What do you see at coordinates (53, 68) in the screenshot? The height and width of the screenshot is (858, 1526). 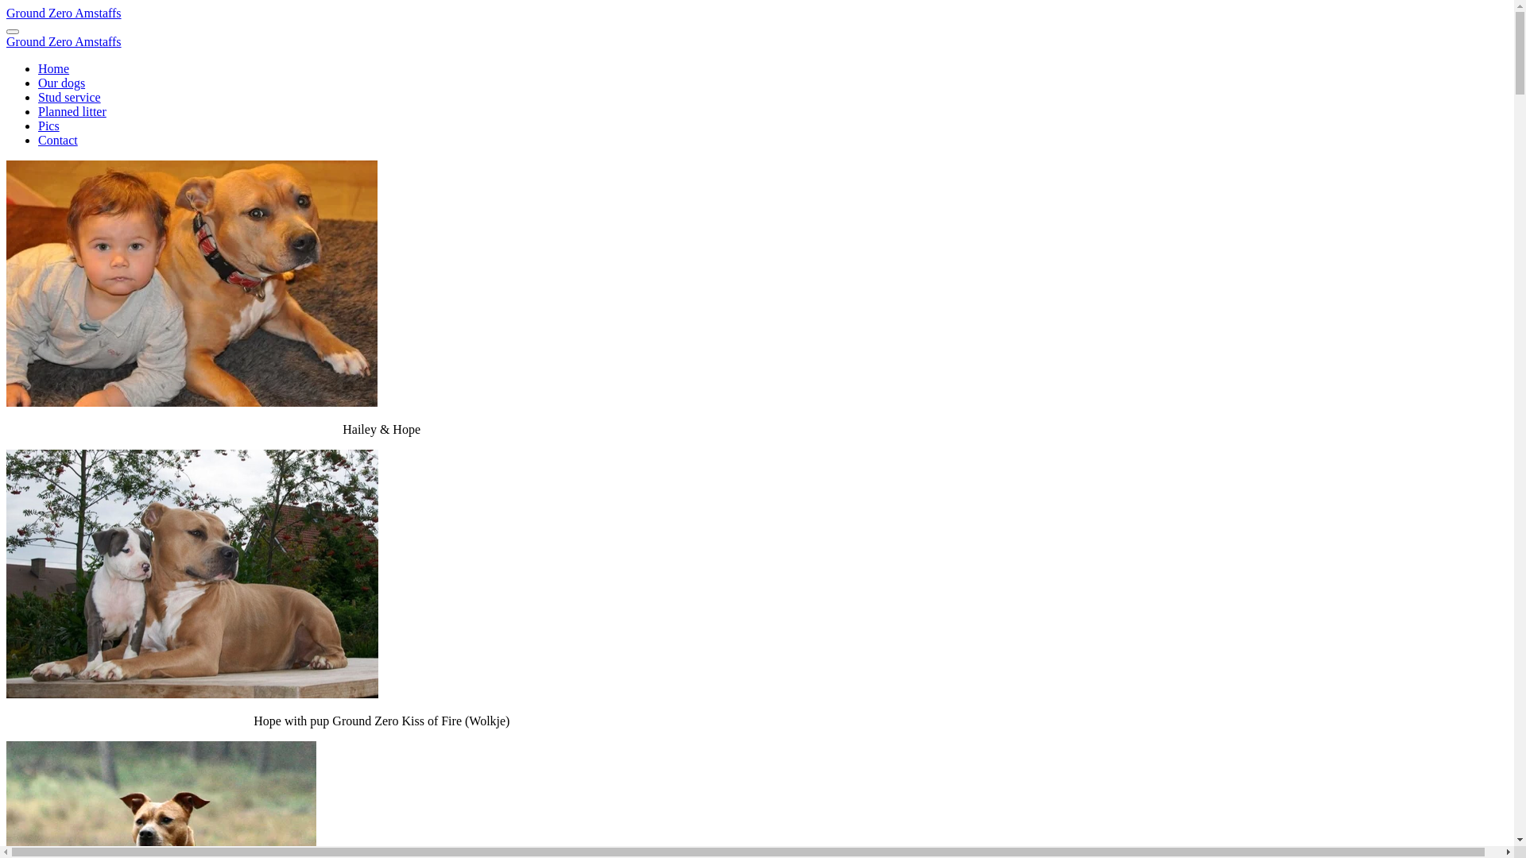 I see `'Home'` at bounding box center [53, 68].